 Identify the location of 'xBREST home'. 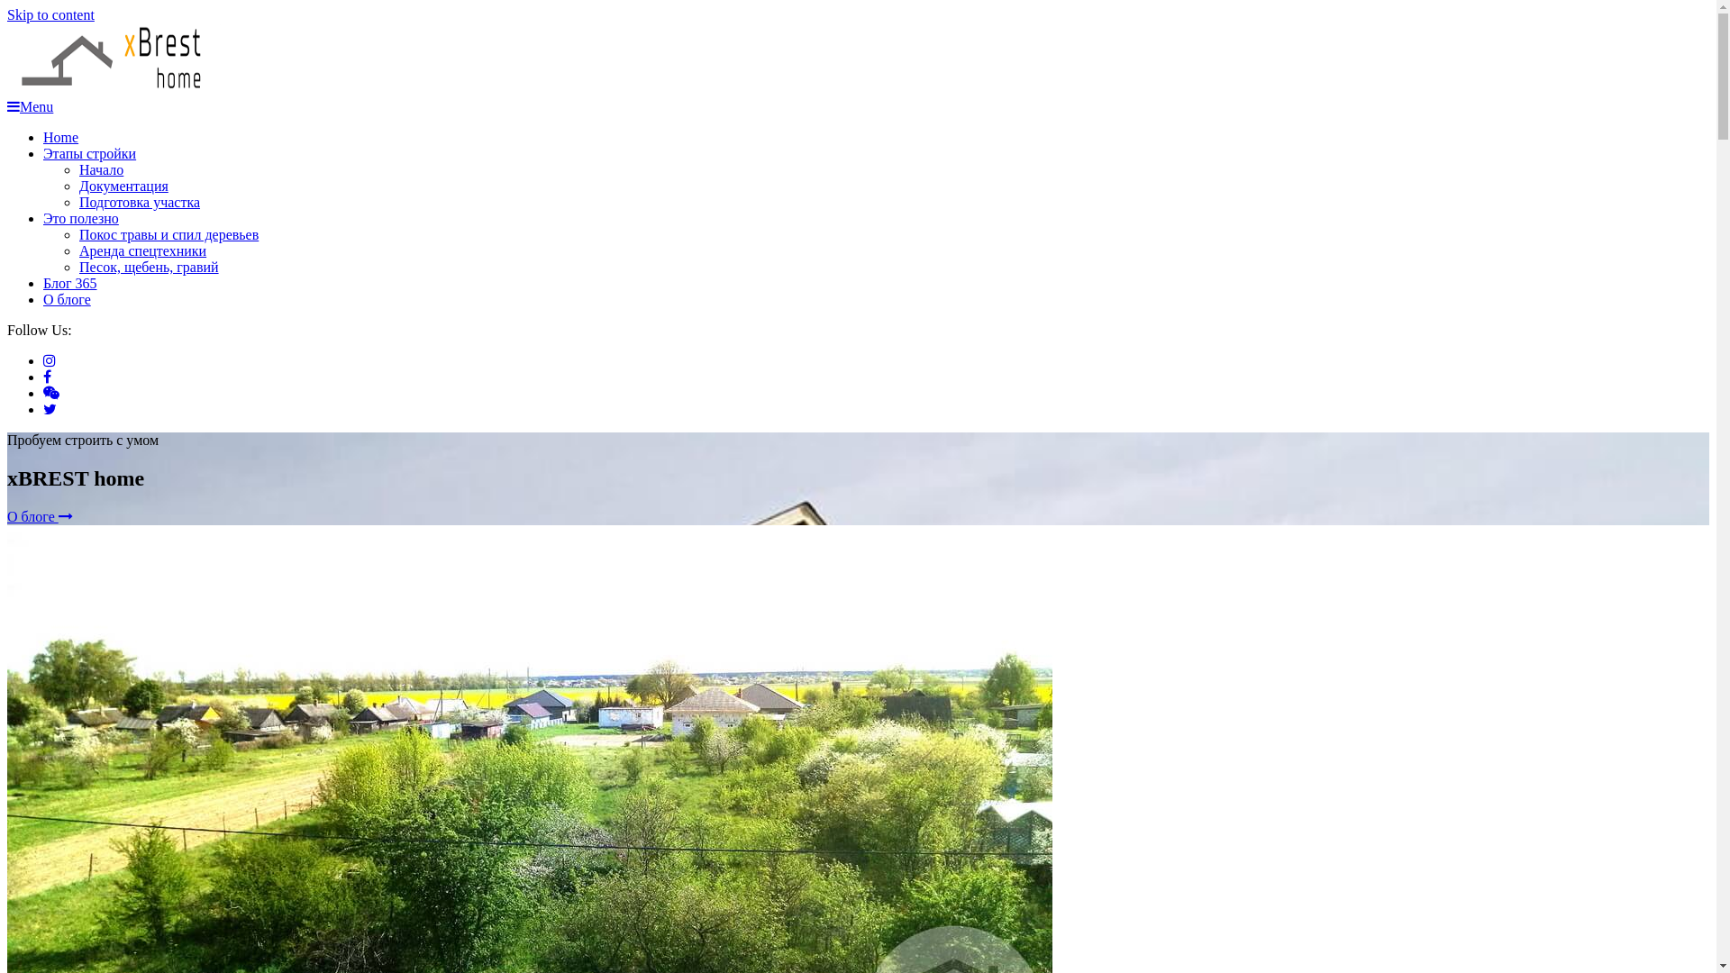
(97, 133).